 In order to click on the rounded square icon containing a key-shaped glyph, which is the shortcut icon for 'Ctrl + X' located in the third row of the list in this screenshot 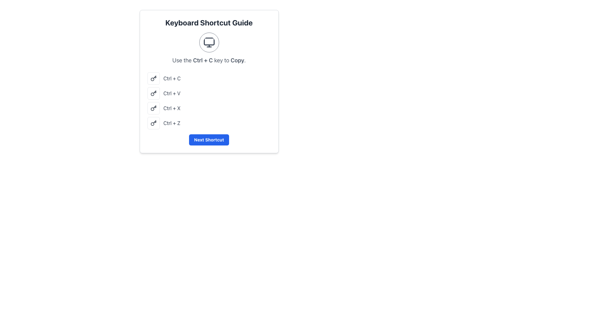, I will do `click(153, 108)`.